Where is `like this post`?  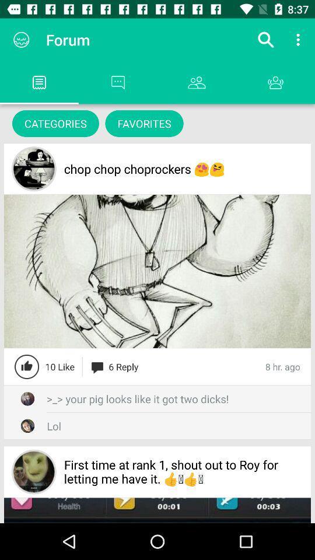 like this post is located at coordinates (27, 366).